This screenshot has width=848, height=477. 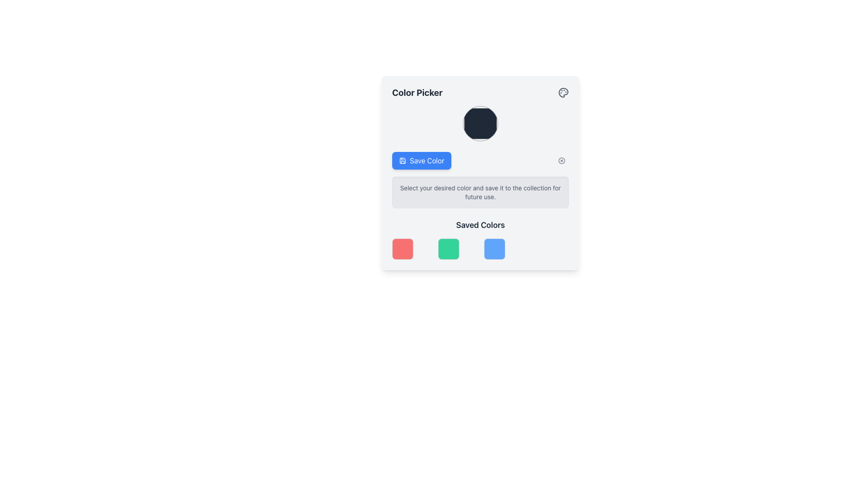 I want to click on the small circular close button with an inner 'X' located in the upper-right side of the 'Color Picker' section, so click(x=561, y=160).